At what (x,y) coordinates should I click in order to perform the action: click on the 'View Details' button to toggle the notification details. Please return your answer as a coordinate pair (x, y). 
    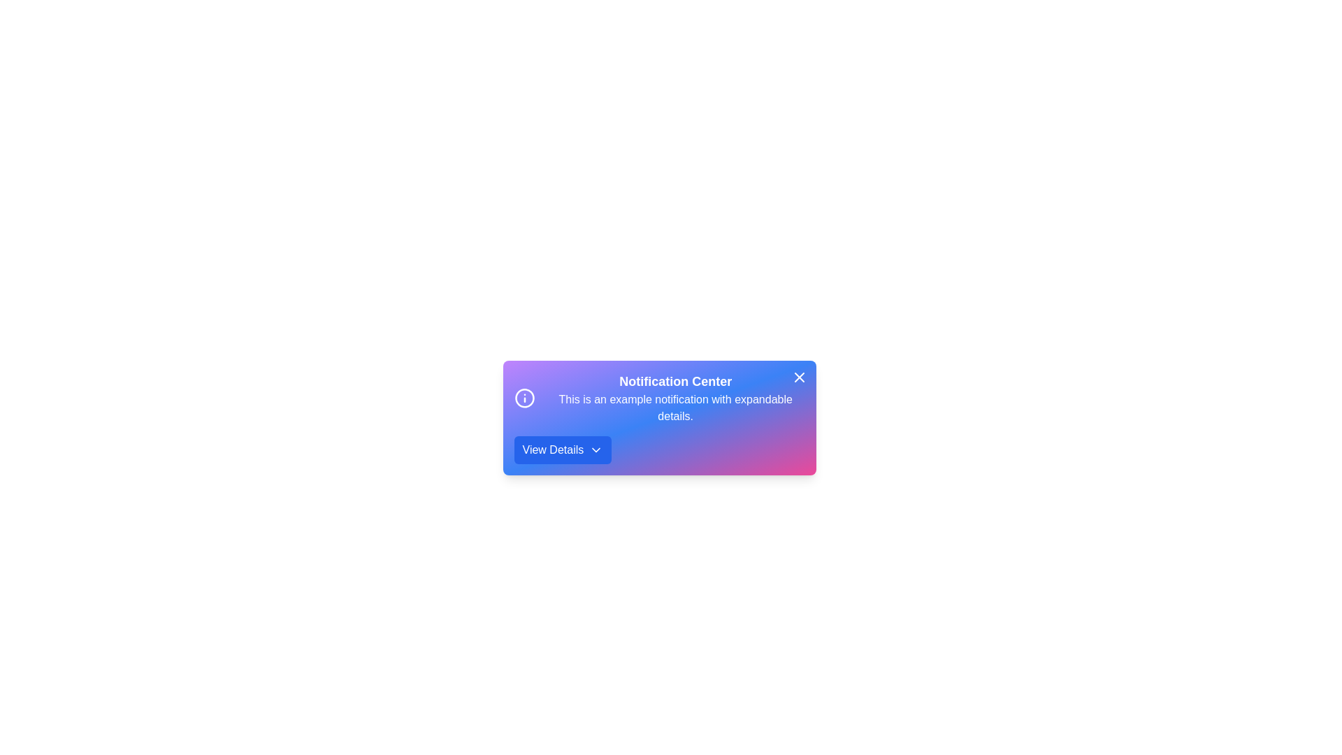
    Looking at the image, I should click on (563, 450).